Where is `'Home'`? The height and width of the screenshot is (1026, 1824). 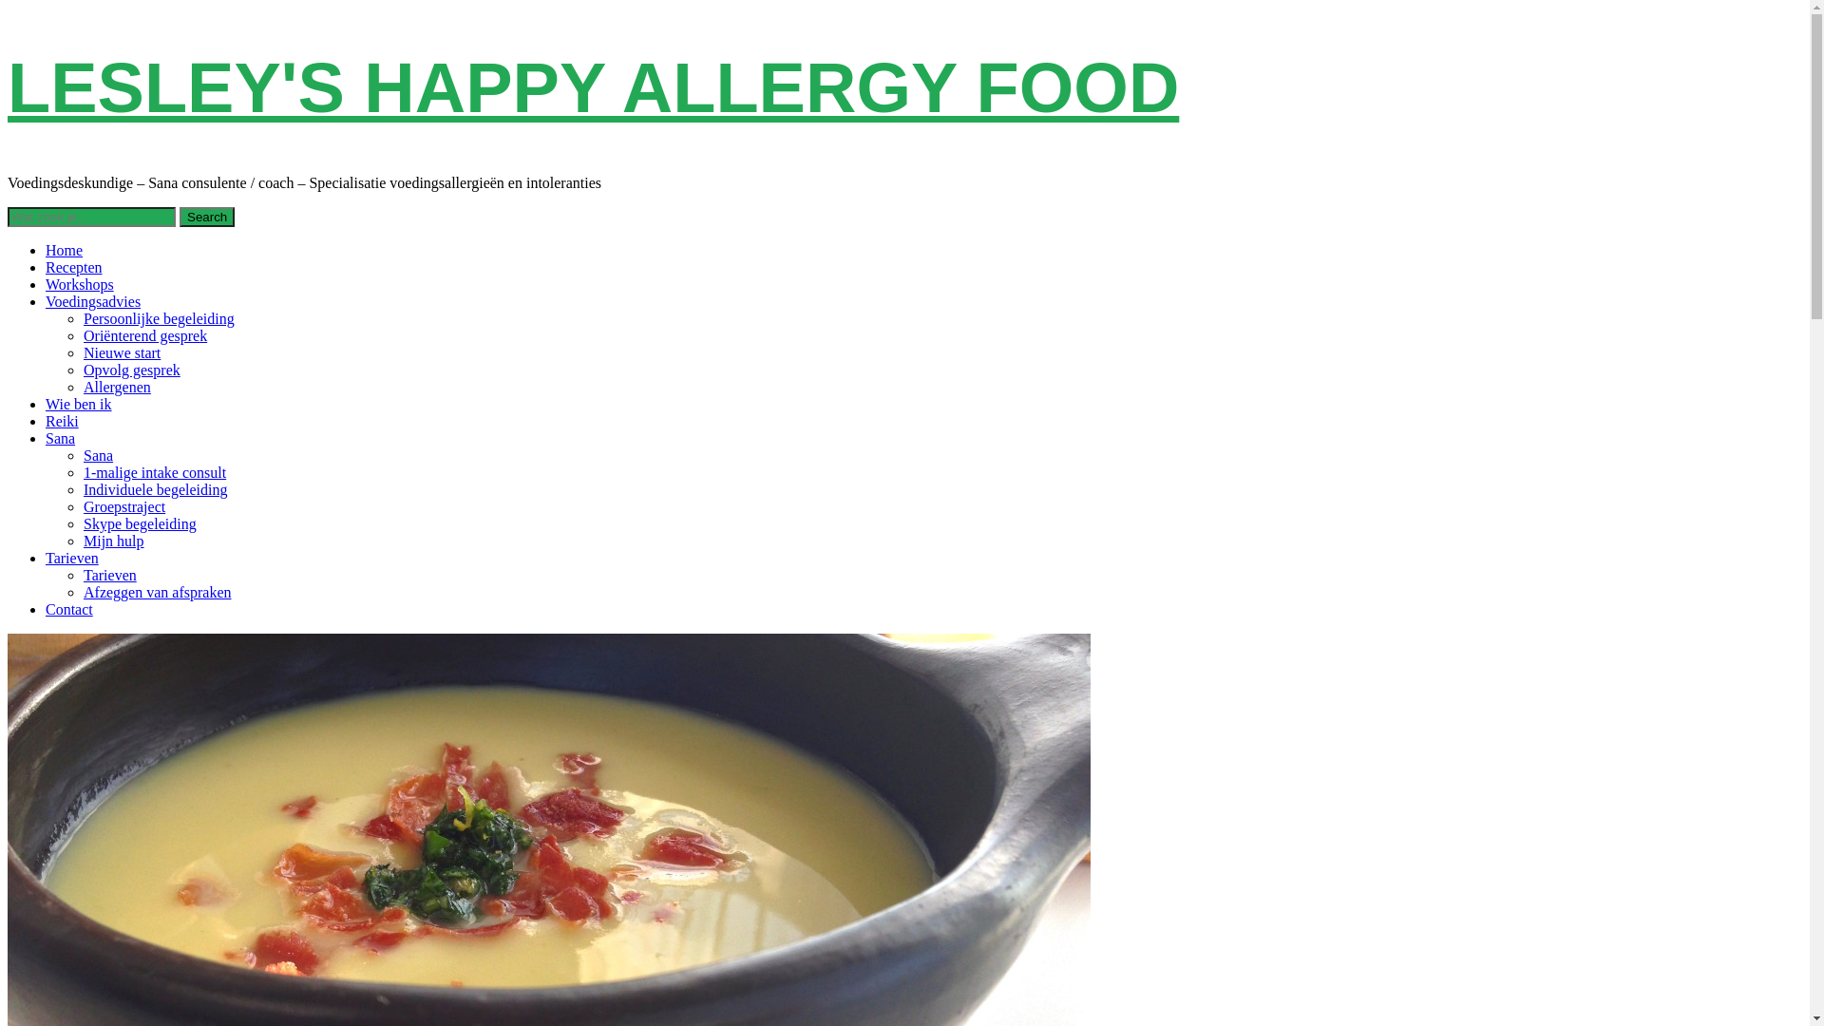
'Home' is located at coordinates (64, 249).